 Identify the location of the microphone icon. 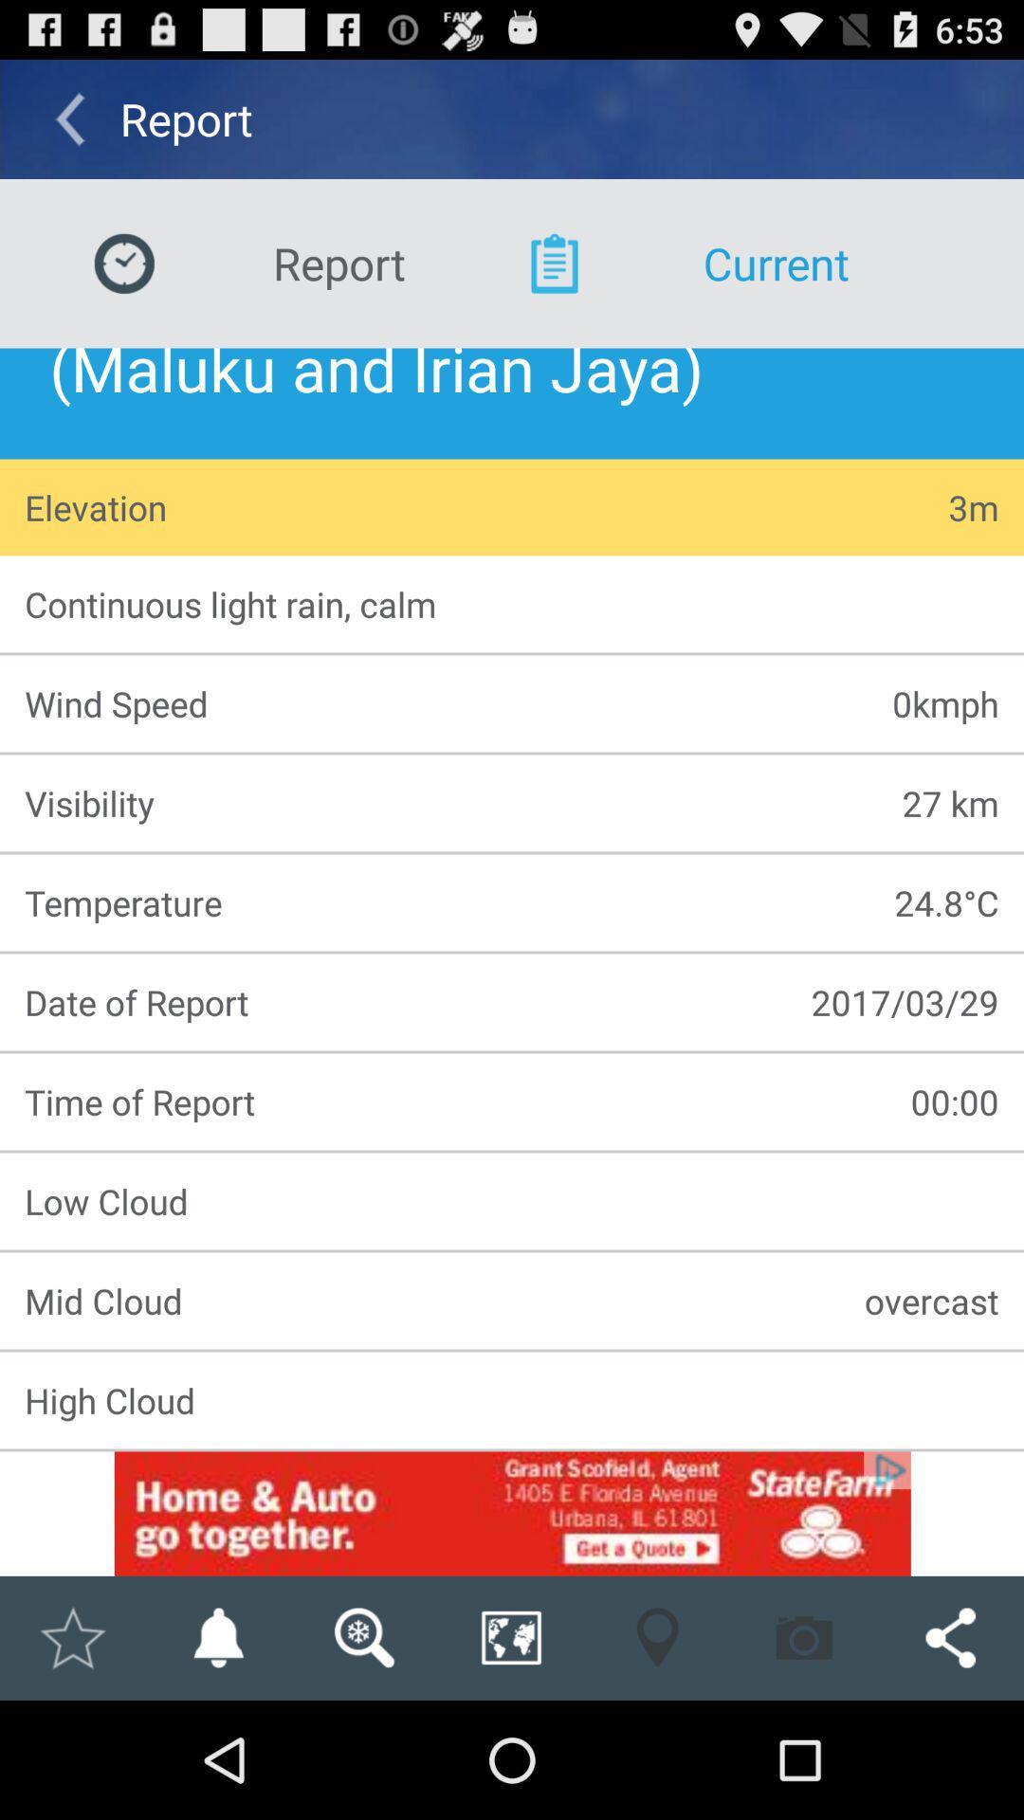
(656, 1752).